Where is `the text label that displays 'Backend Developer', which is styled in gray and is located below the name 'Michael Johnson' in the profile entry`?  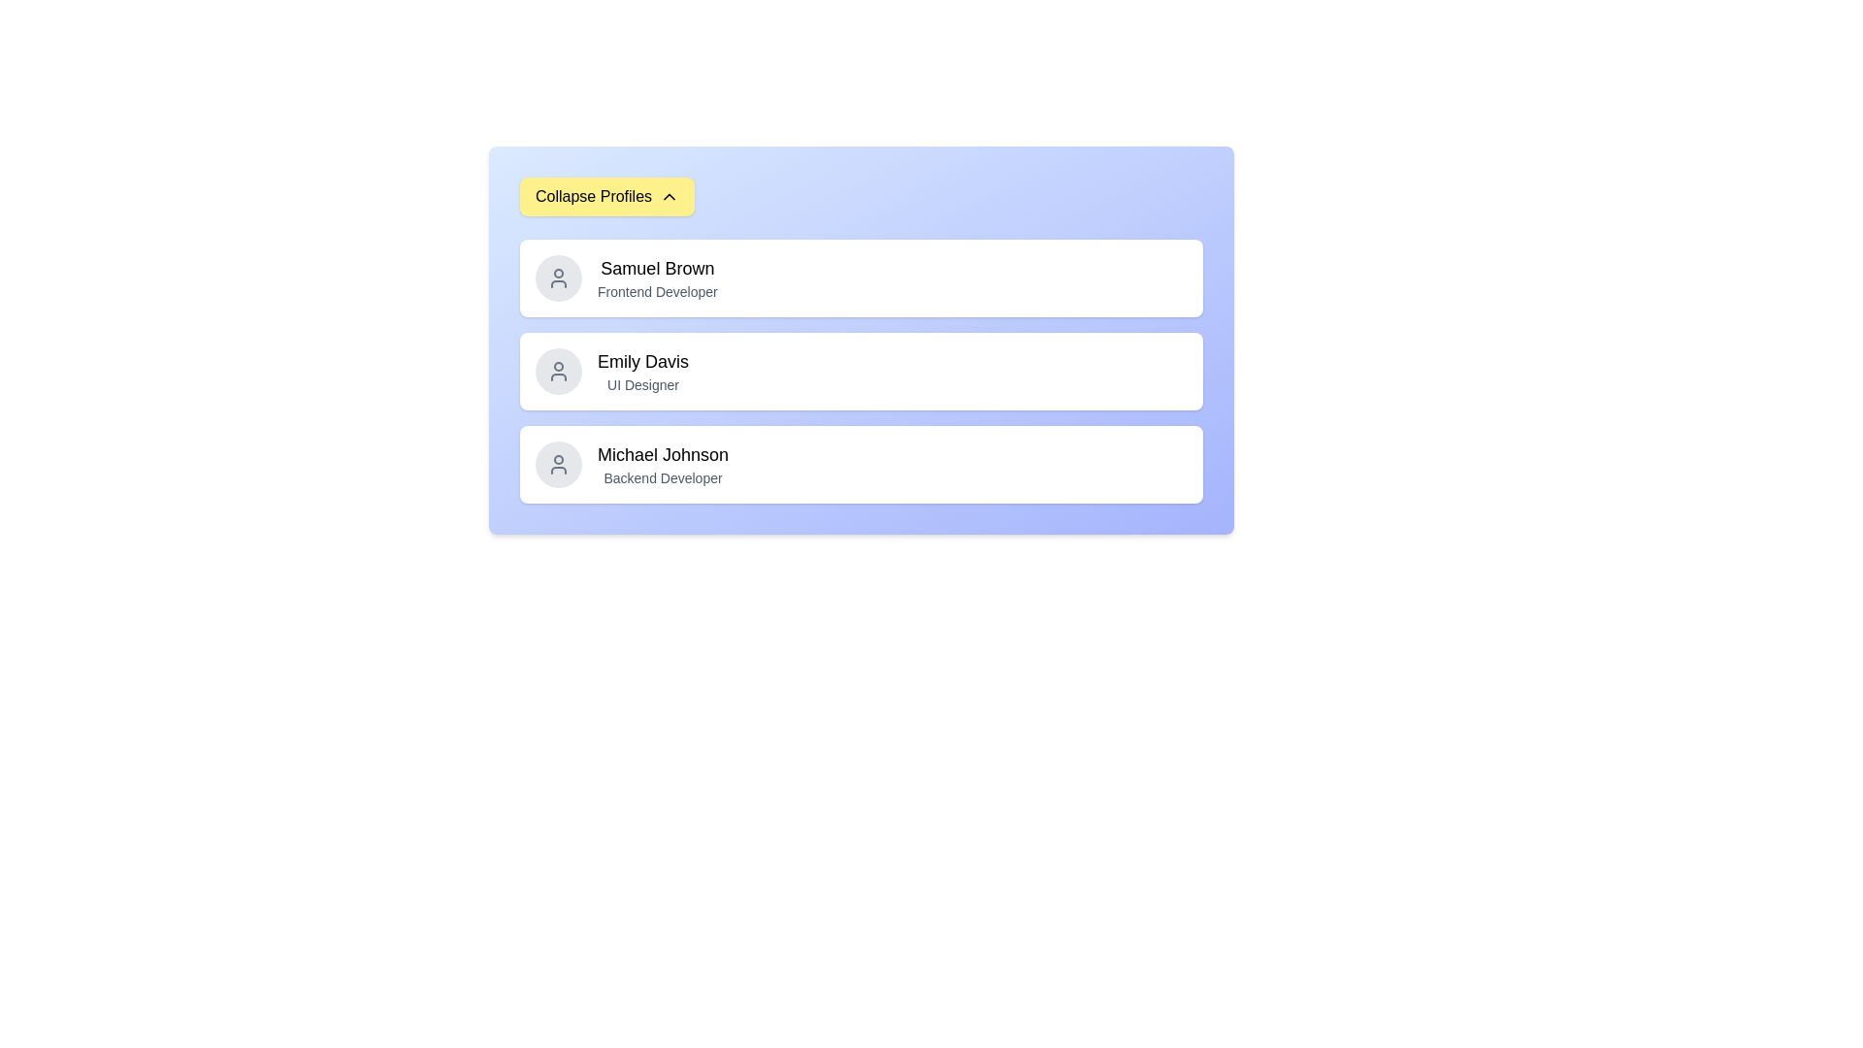
the text label that displays 'Backend Developer', which is styled in gray and is located below the name 'Michael Johnson' in the profile entry is located at coordinates (663, 478).